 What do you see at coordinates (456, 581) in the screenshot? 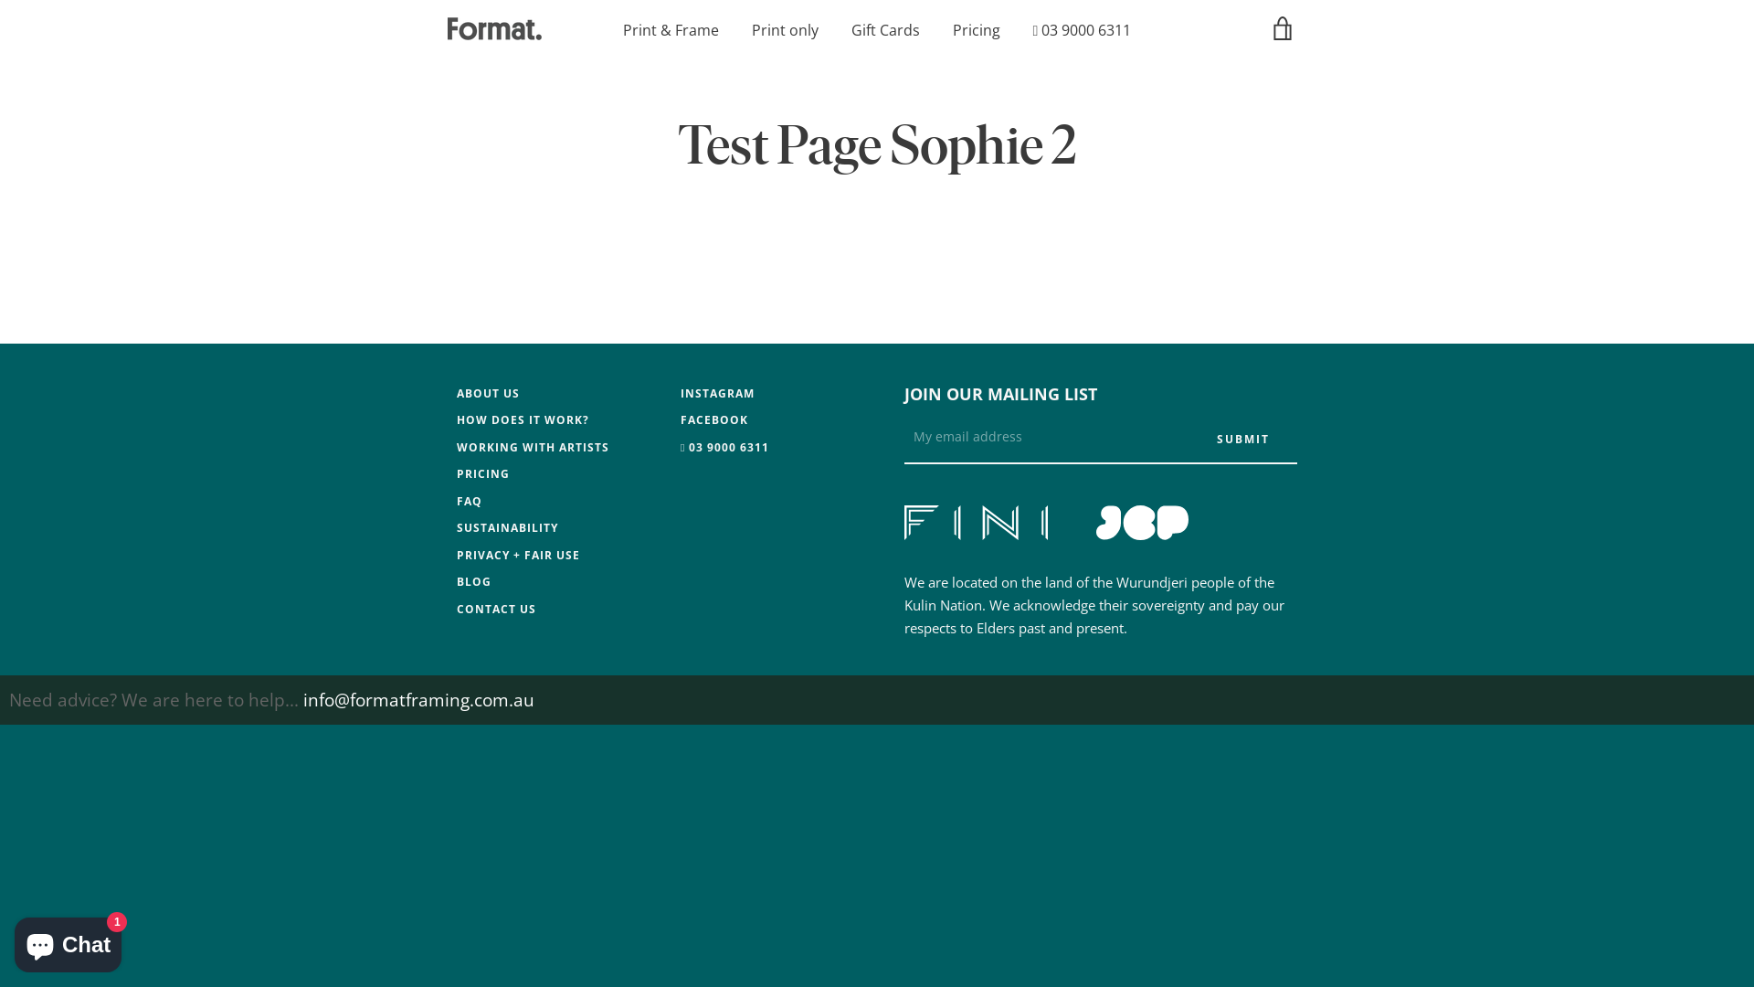
I see `'BLOG'` at bounding box center [456, 581].